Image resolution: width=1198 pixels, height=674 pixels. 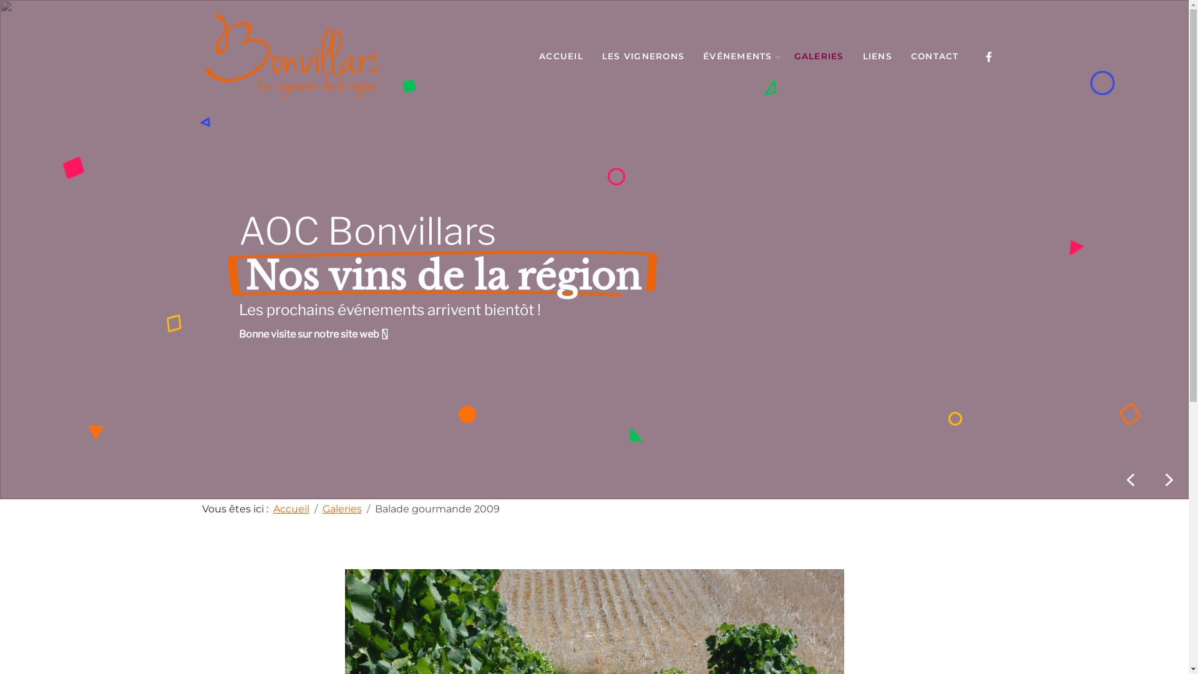 I want to click on 'LES VIGNERONS', so click(x=643, y=55).